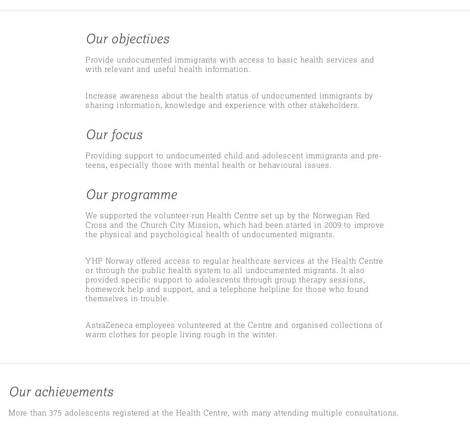 This screenshot has width=470, height=433. I want to click on 'AstraZeneca employees volunteered at the Centre and organised collections of warm clothes for people living rough in the winter.', so click(234, 329).